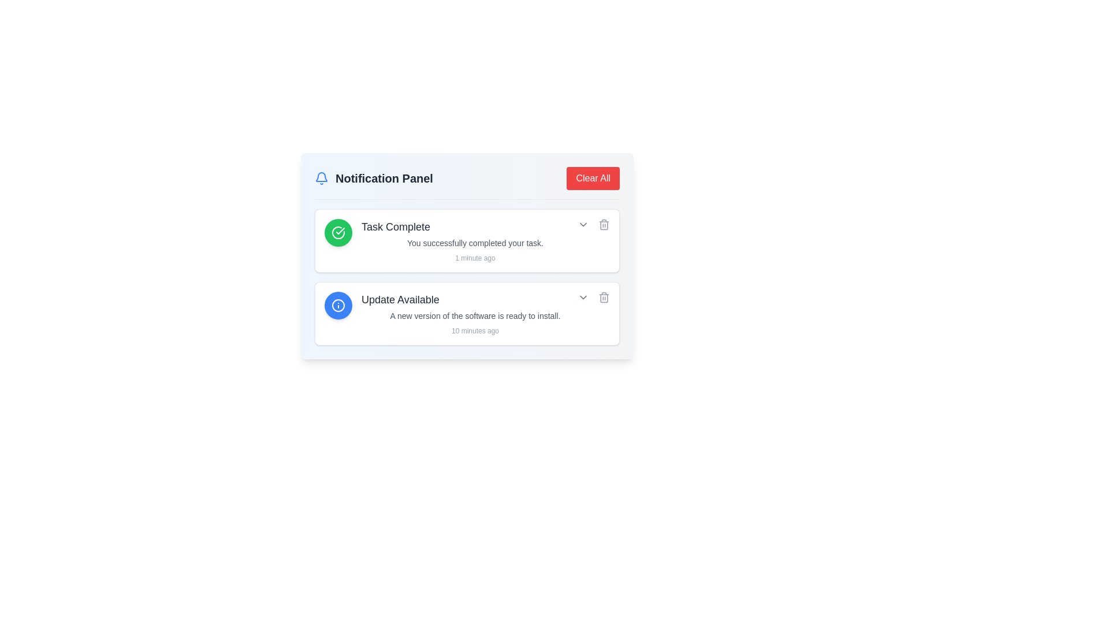 This screenshot has height=624, width=1109. I want to click on the first notification block which contains the title 'Task Complete', the description 'You successfully completed your task.', and the timestamp '1 minute ago', so click(475, 240).